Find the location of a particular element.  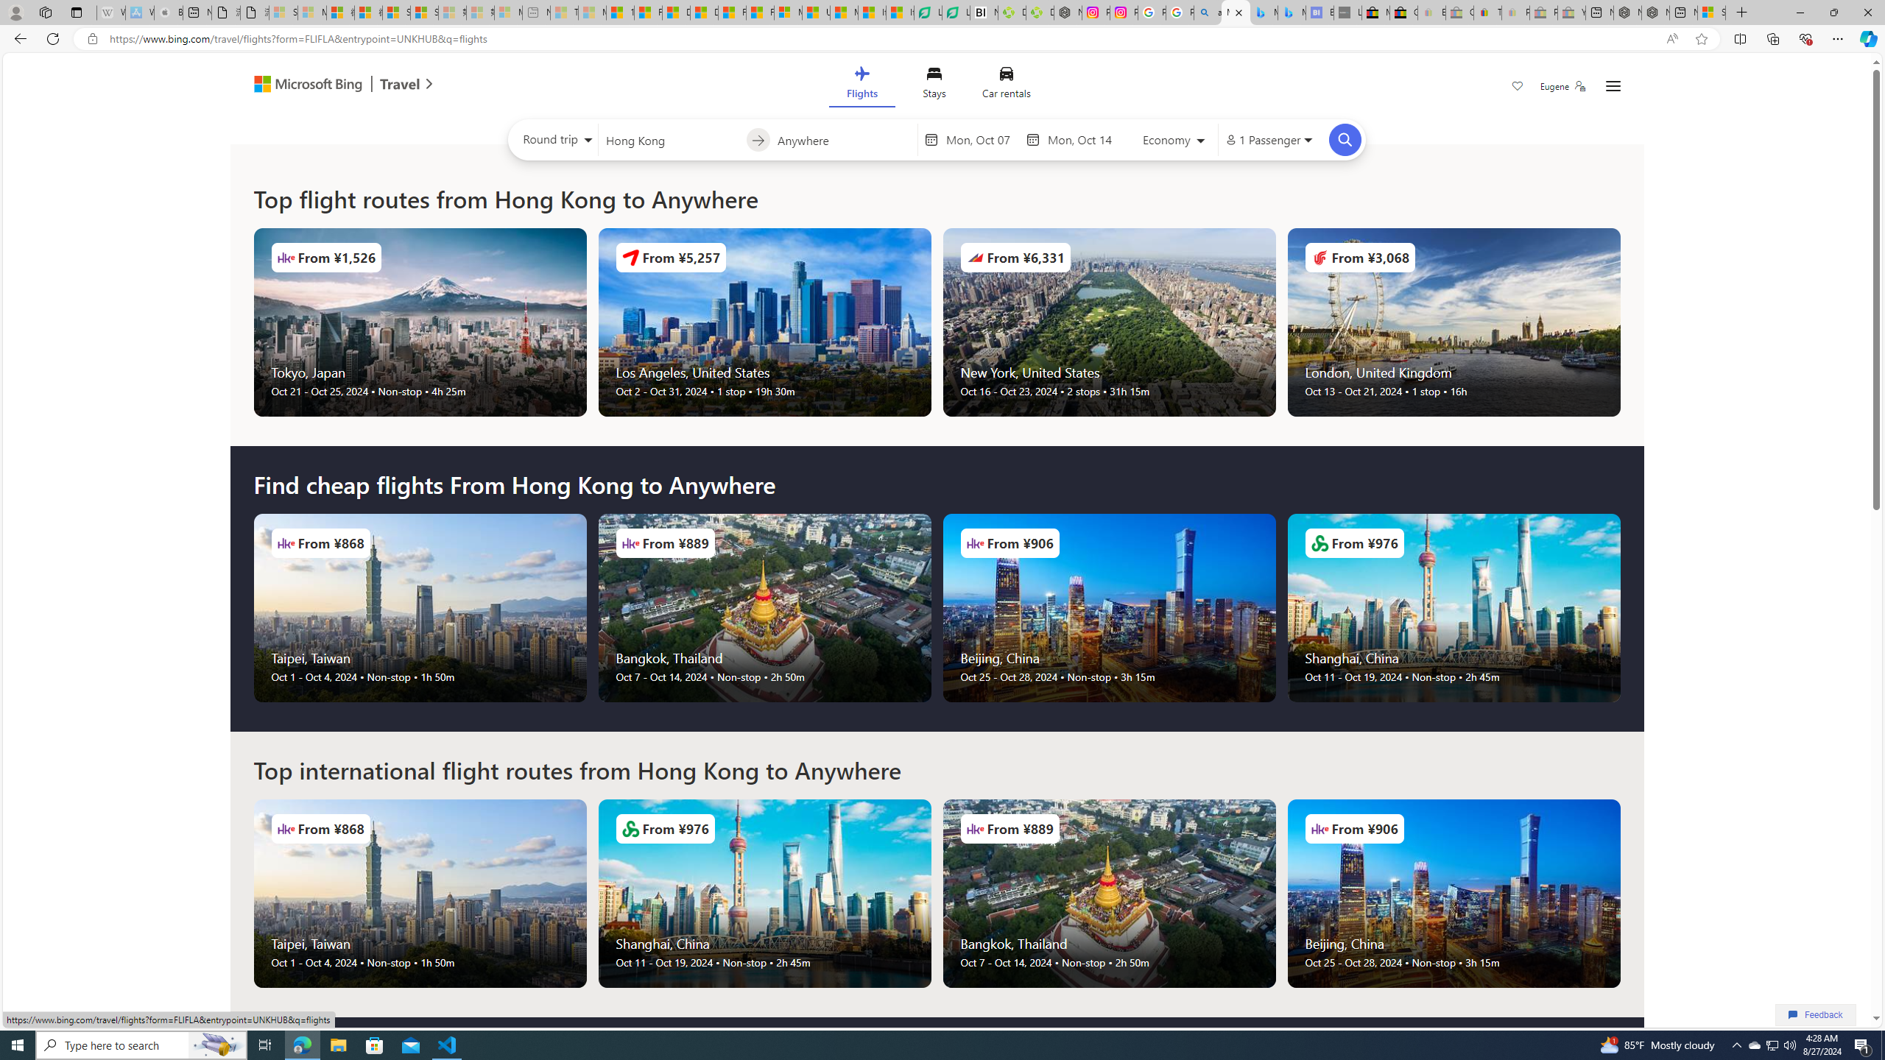

'Nvidia va a poner a prueba la paciencia de los inversores' is located at coordinates (984, 12).